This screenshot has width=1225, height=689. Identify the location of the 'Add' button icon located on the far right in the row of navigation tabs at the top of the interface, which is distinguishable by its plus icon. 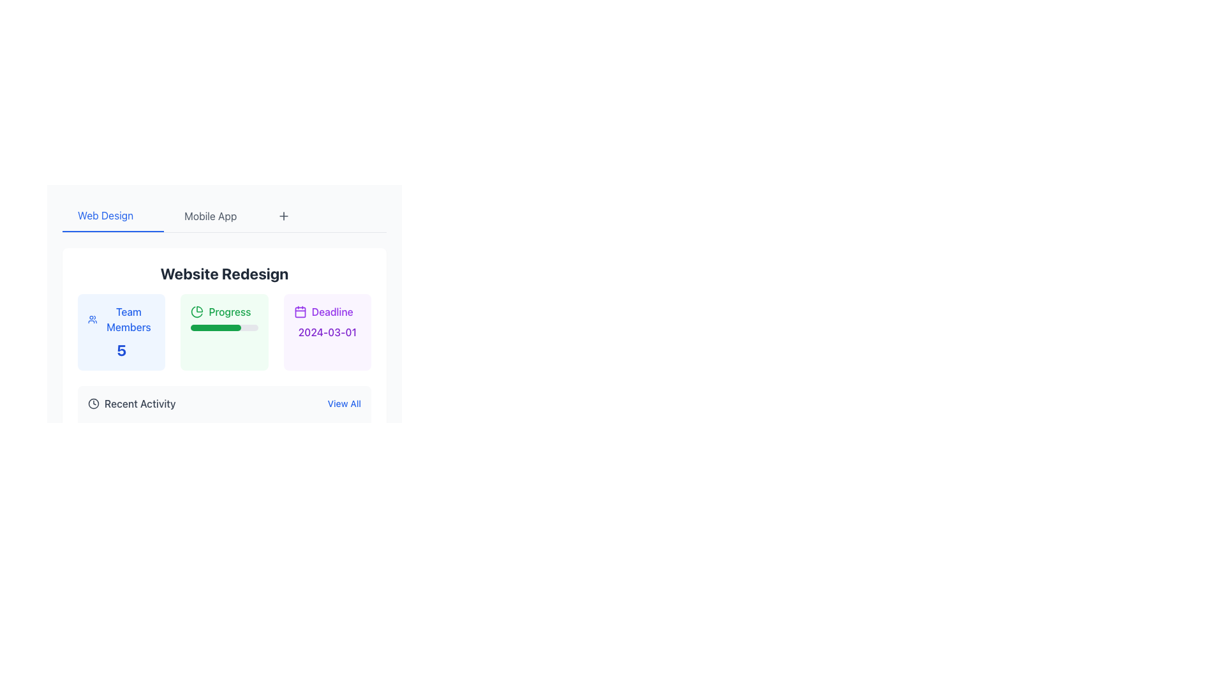
(283, 216).